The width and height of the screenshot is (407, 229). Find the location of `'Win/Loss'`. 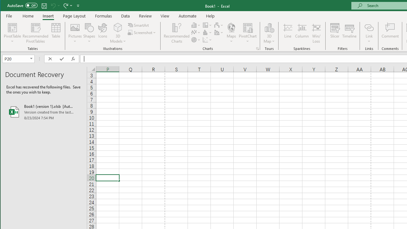

'Win/Loss' is located at coordinates (316, 33).